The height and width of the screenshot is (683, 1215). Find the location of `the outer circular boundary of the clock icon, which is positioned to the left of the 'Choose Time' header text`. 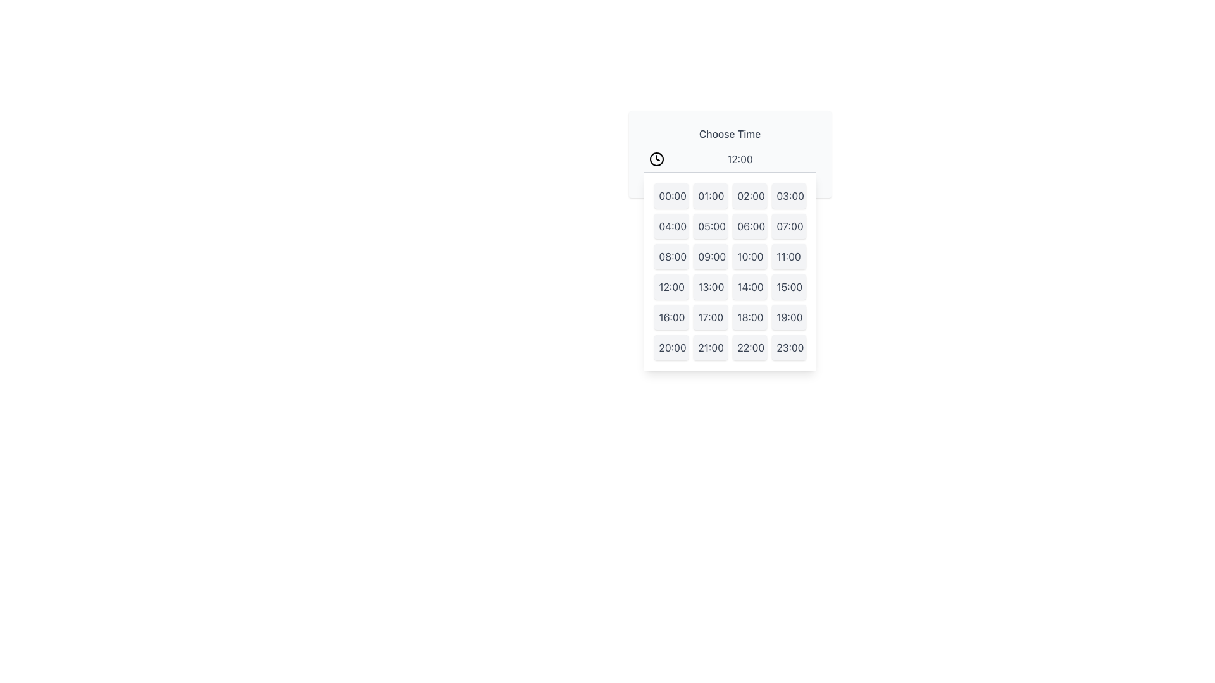

the outer circular boundary of the clock icon, which is positioned to the left of the 'Choose Time' header text is located at coordinates (656, 158).